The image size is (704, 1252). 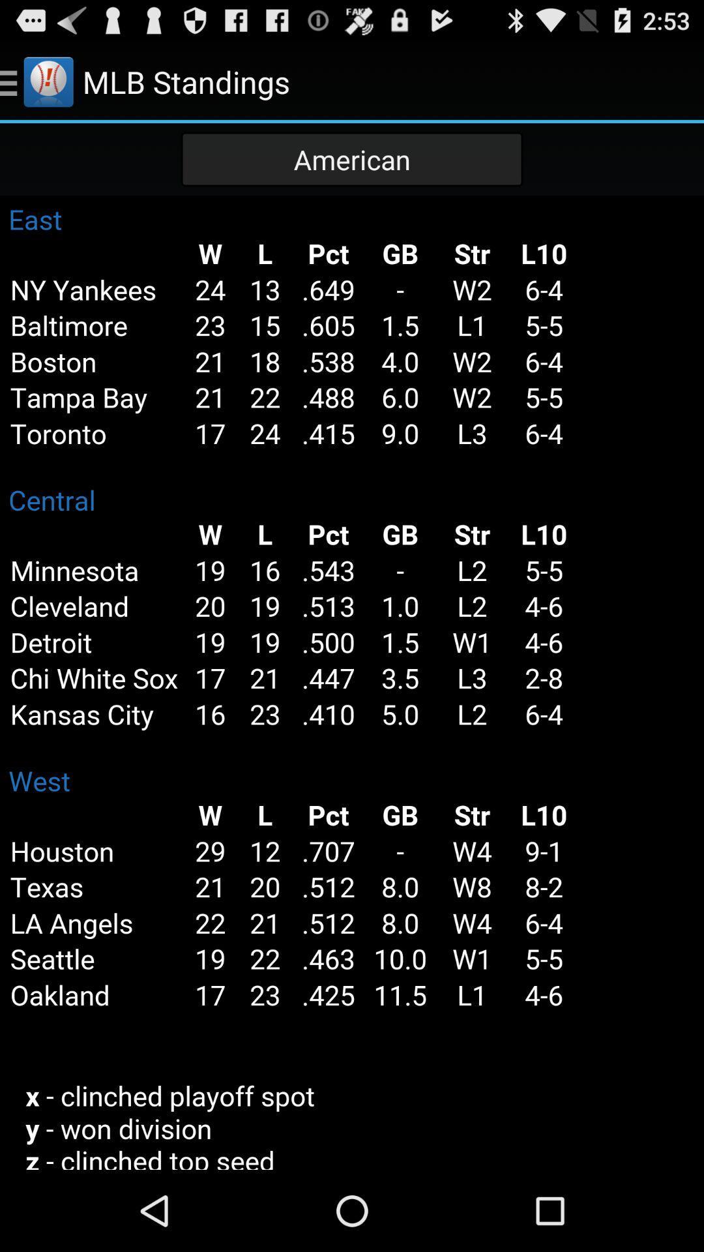 What do you see at coordinates (352, 681) in the screenshot?
I see `click the whole box` at bounding box center [352, 681].